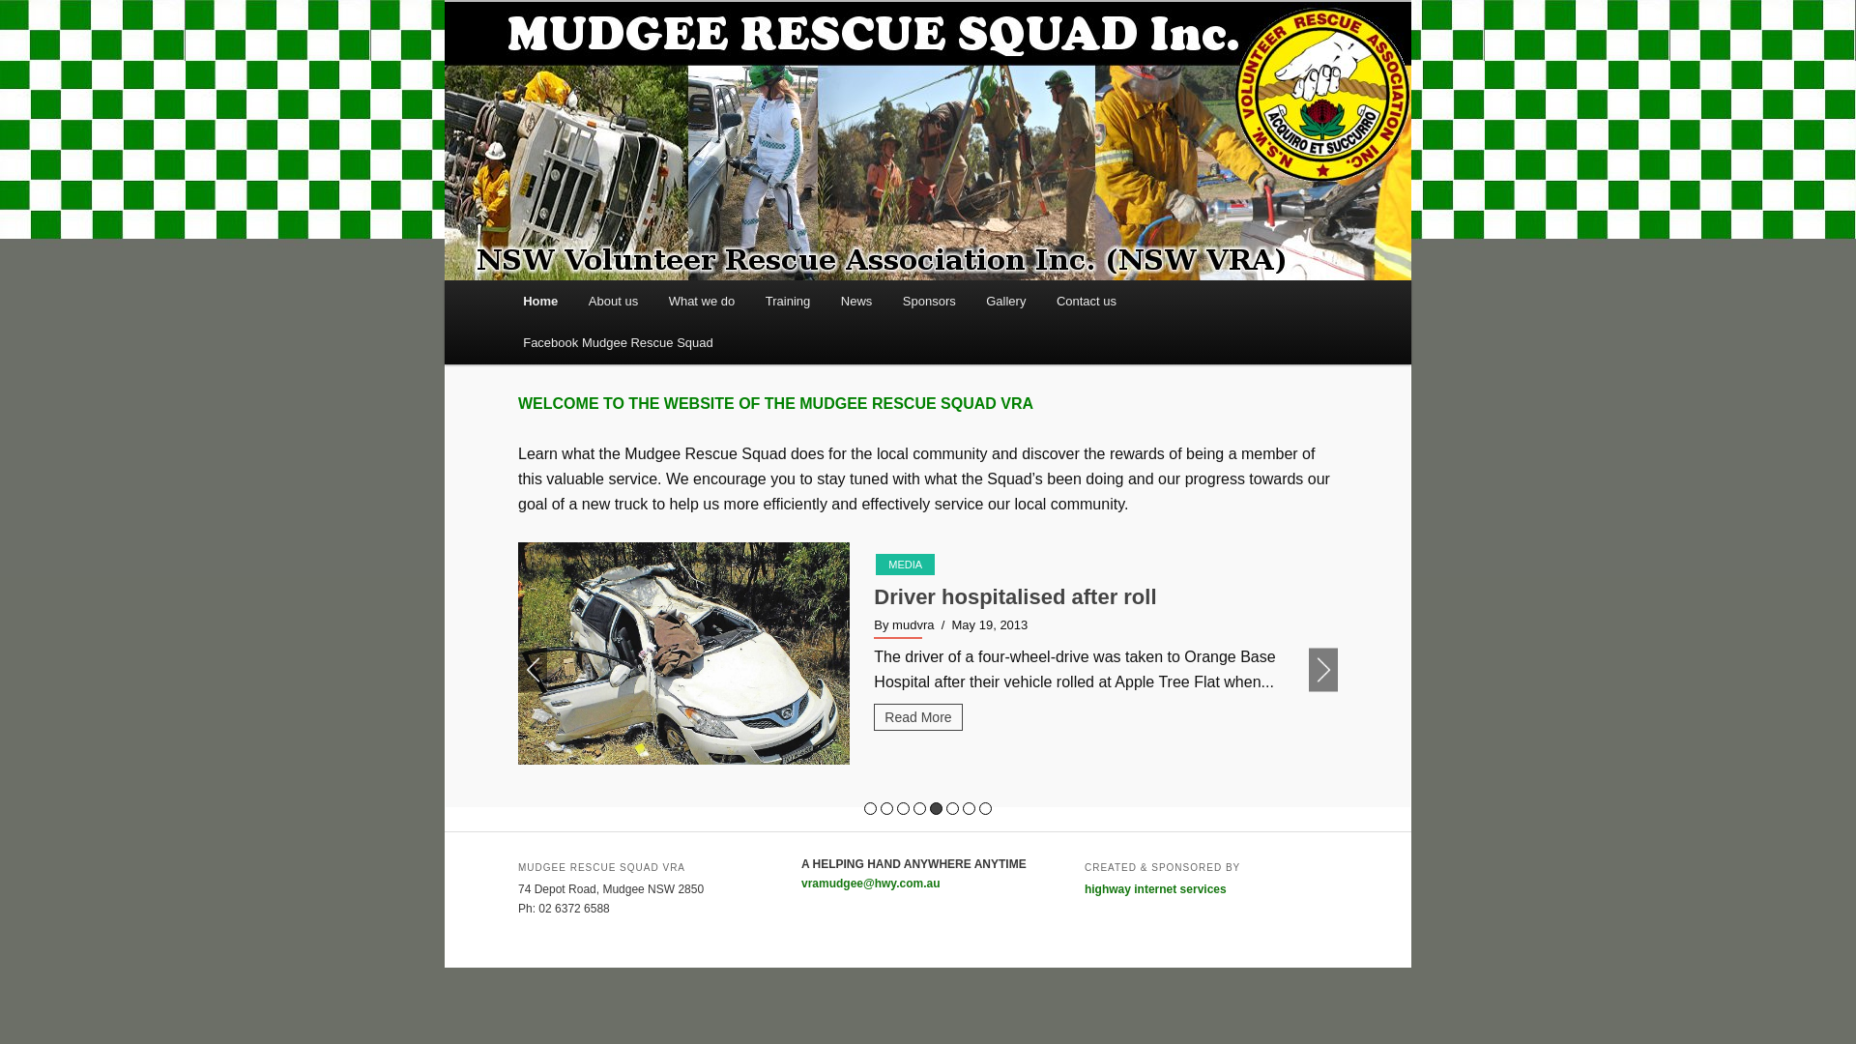 Image resolution: width=1856 pixels, height=1044 pixels. What do you see at coordinates (700, 301) in the screenshot?
I see `'What we do'` at bounding box center [700, 301].